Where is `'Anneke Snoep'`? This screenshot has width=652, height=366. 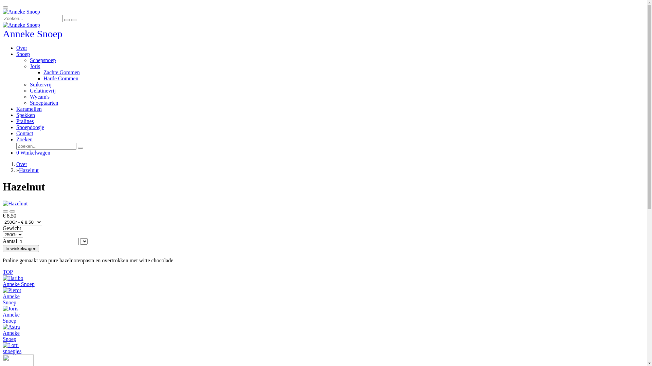 'Anneke Snoep' is located at coordinates (3, 12).